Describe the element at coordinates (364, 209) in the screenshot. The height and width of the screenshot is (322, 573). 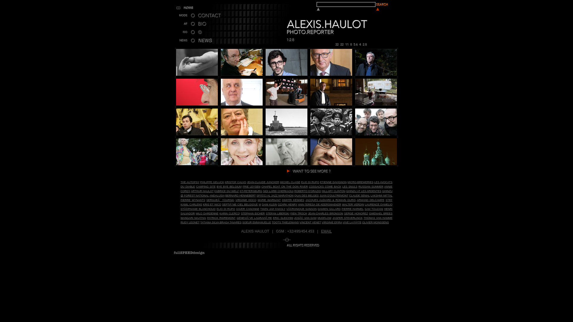
I see `'SAM TOUZANI'` at that location.